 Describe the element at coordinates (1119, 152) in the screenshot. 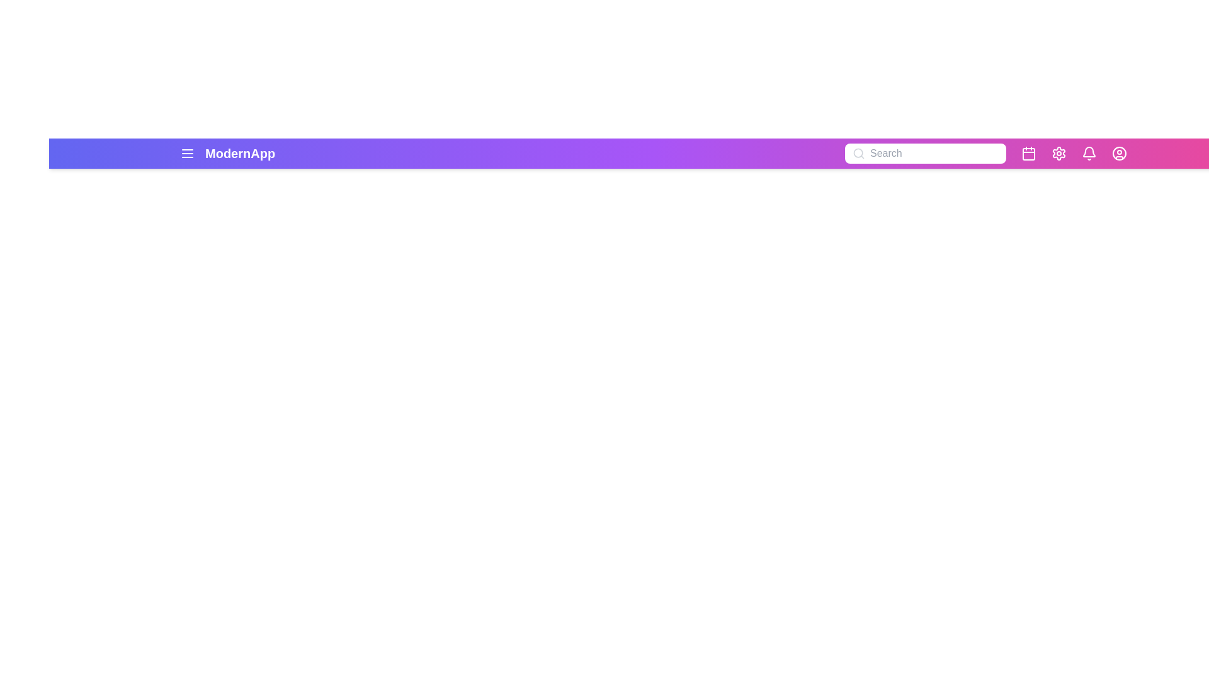

I see `the largest SVG Circle representing the user profile icon located at the far right of the navigation bar` at that location.